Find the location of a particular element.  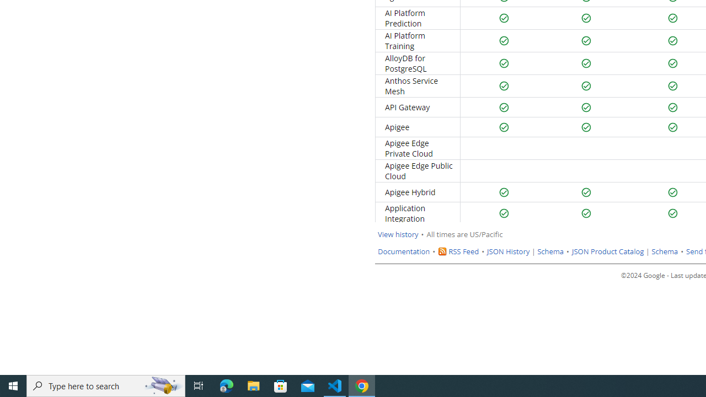

'JSON History' is located at coordinates (508, 251).